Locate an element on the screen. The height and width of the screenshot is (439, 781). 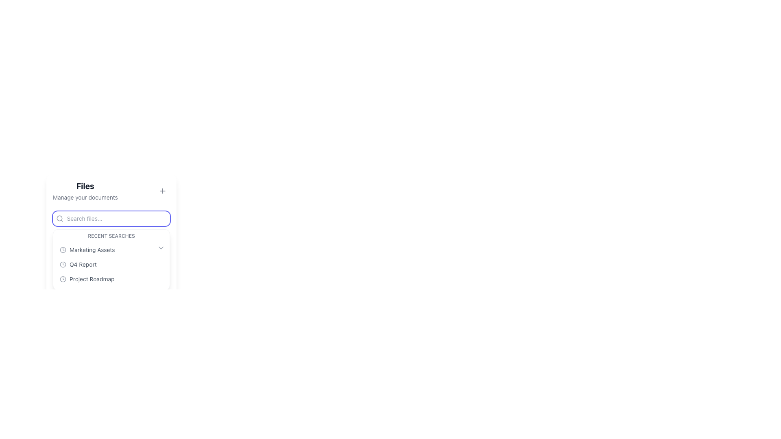
the first list item labeled 'Marketing Assets' with a clock icon on the left and a downward-facing chevron icon on the right, located under the 'Recent Searches' section is located at coordinates (111, 247).